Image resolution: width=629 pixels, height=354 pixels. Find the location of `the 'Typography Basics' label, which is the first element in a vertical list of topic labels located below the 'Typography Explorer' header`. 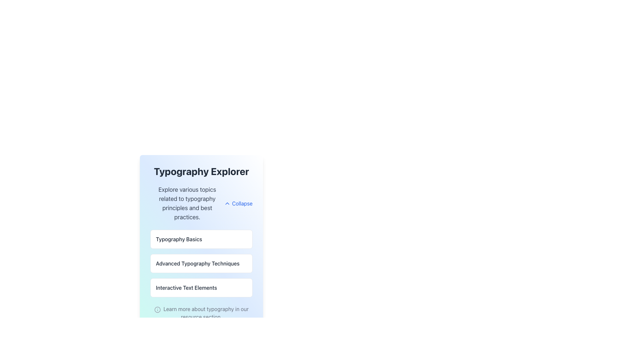

the 'Typography Basics' label, which is the first element in a vertical list of topic labels located below the 'Typography Explorer' header is located at coordinates (179, 239).